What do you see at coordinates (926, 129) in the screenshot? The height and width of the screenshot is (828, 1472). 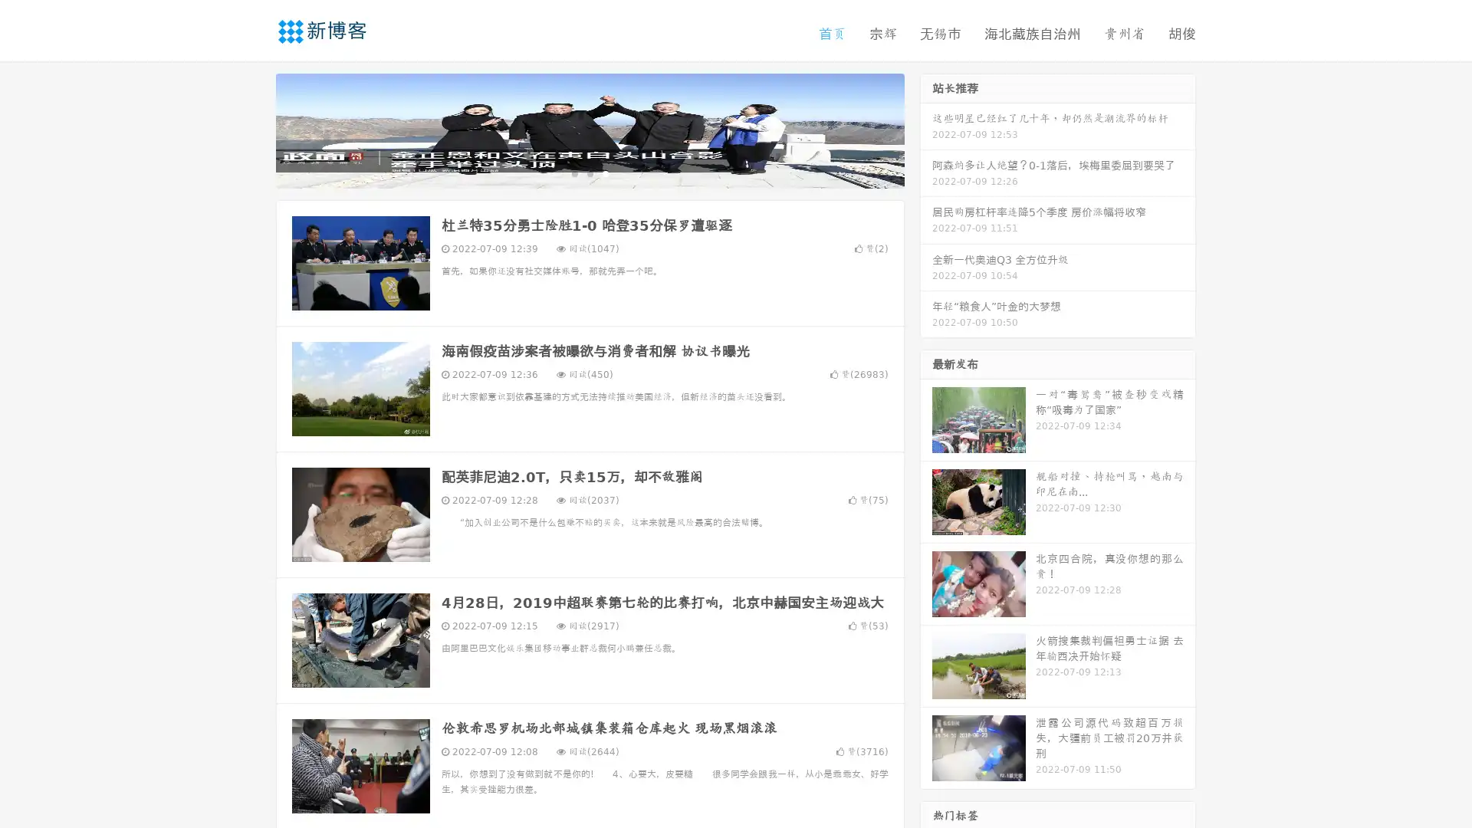 I see `Next slide` at bounding box center [926, 129].